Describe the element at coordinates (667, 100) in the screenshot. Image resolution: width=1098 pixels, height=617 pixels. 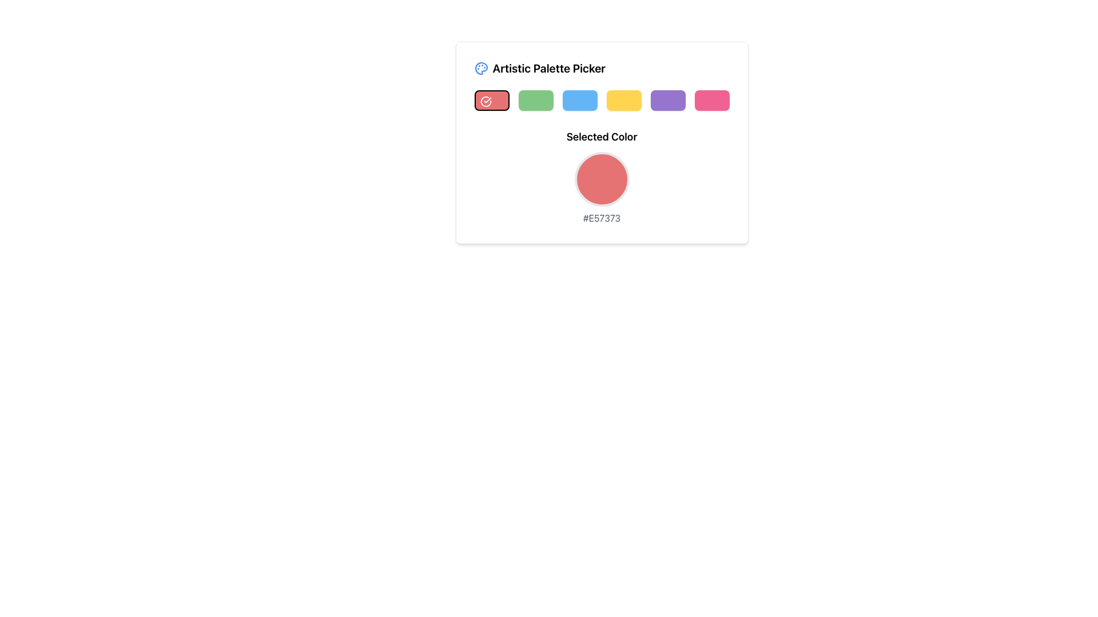
I see `the light purple button with rounded corners, which is the eighth button in a horizontal row of nine buttons within the grid layout` at that location.